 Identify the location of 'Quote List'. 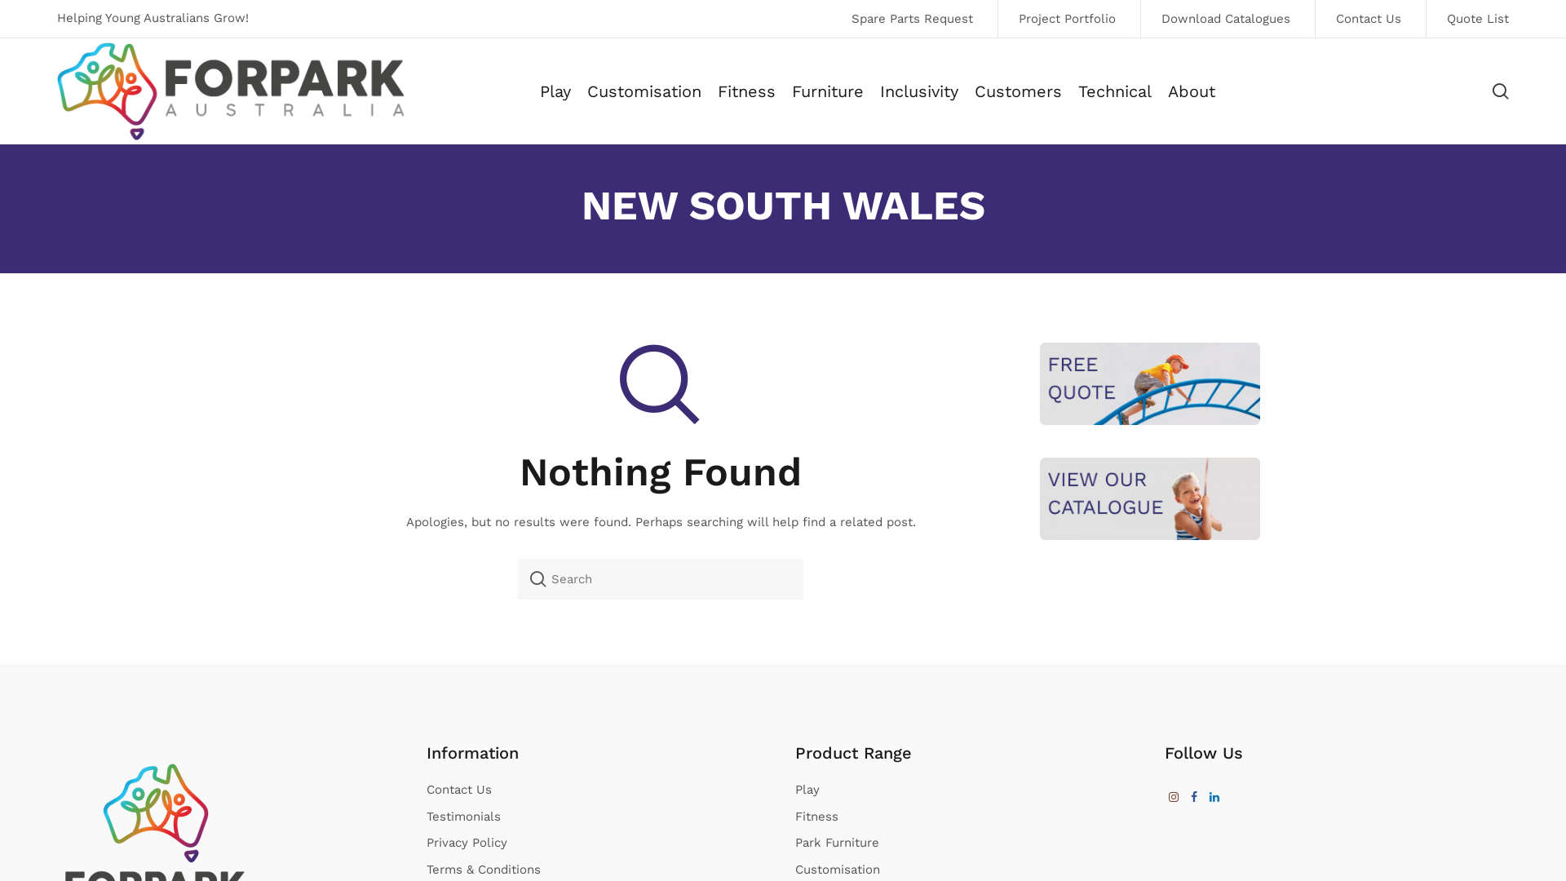
(1424, 19).